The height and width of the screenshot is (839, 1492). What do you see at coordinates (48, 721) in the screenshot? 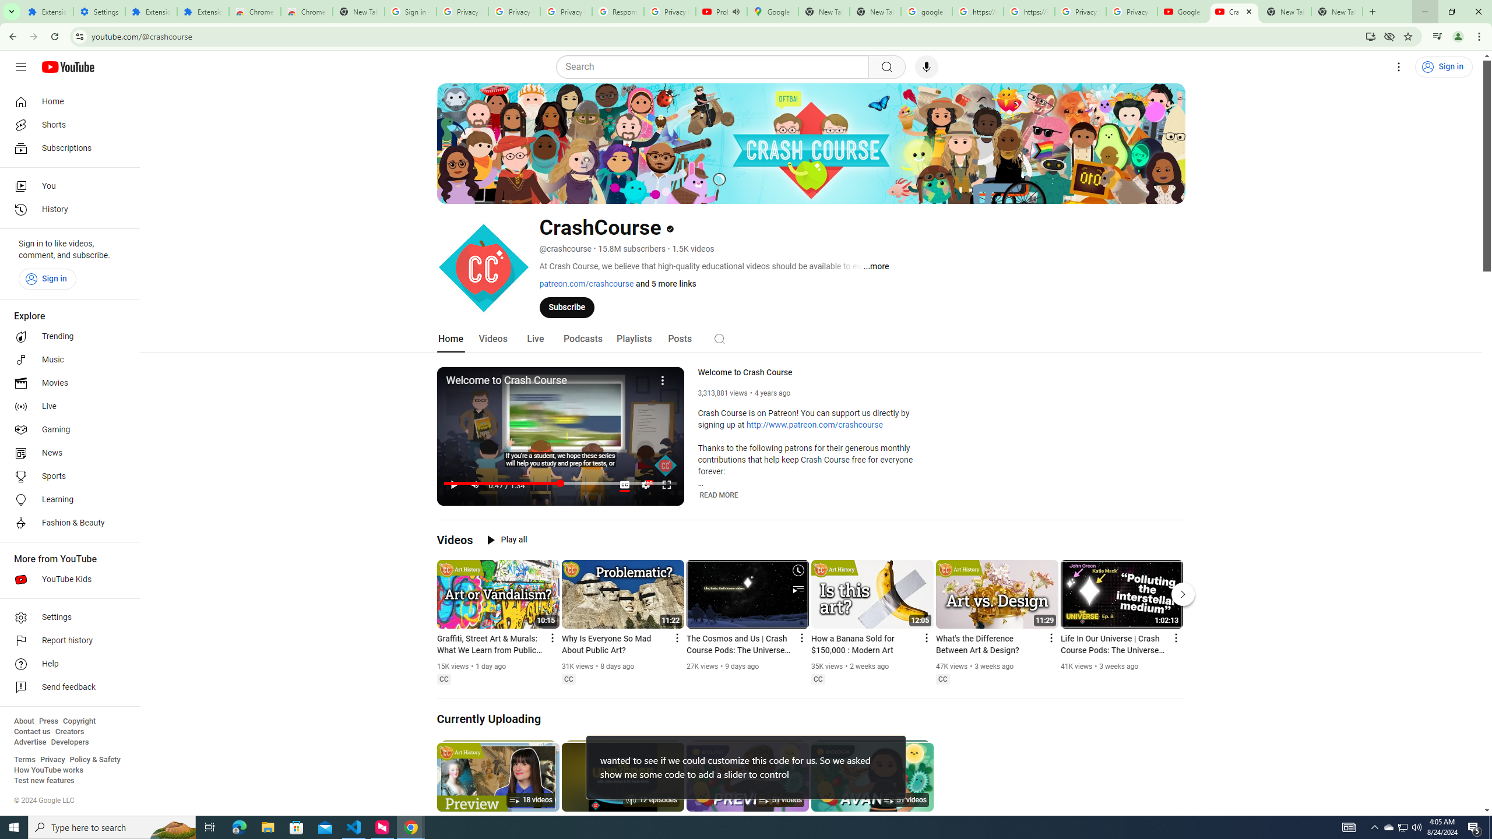
I see `'Press'` at bounding box center [48, 721].